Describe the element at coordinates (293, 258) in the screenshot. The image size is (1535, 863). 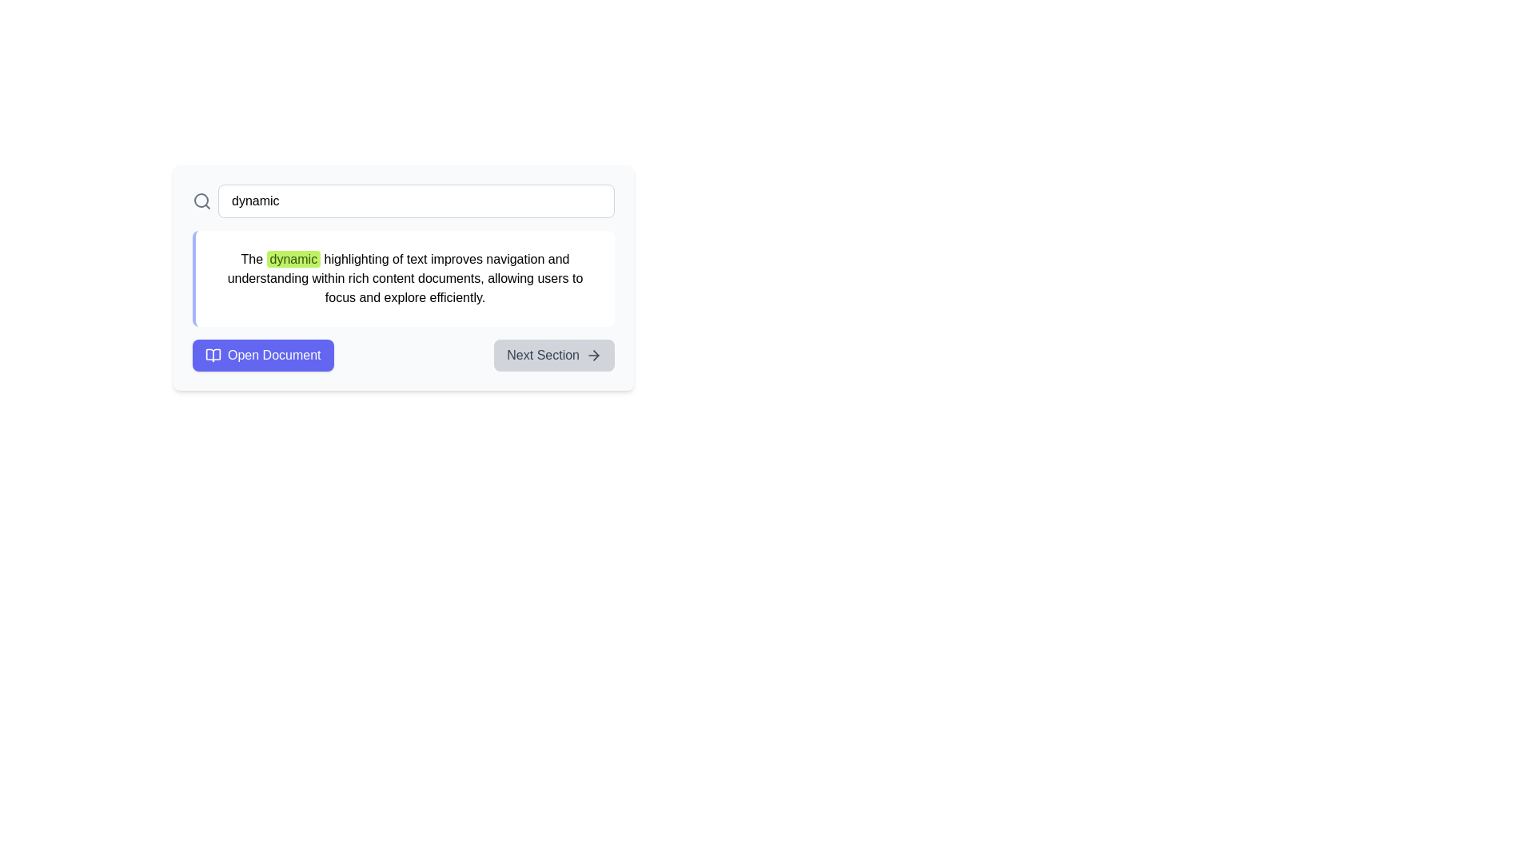
I see `the Text Highlight that emphasizes the word 'dynamic' within the paragraph, located centrally in the content area with an indigo accent line on the left` at that location.